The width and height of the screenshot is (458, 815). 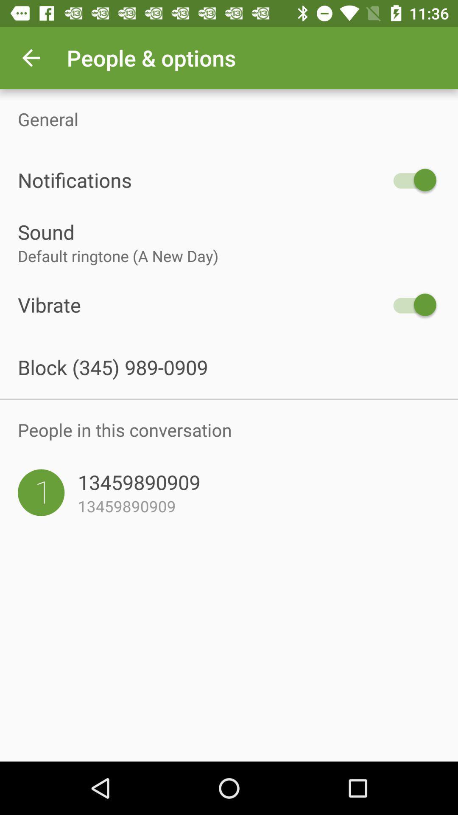 What do you see at coordinates (202, 305) in the screenshot?
I see `the vibrate item` at bounding box center [202, 305].